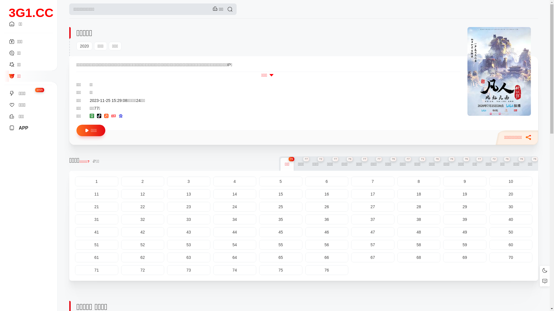 This screenshot has width=554, height=311. I want to click on '70', so click(511, 257).